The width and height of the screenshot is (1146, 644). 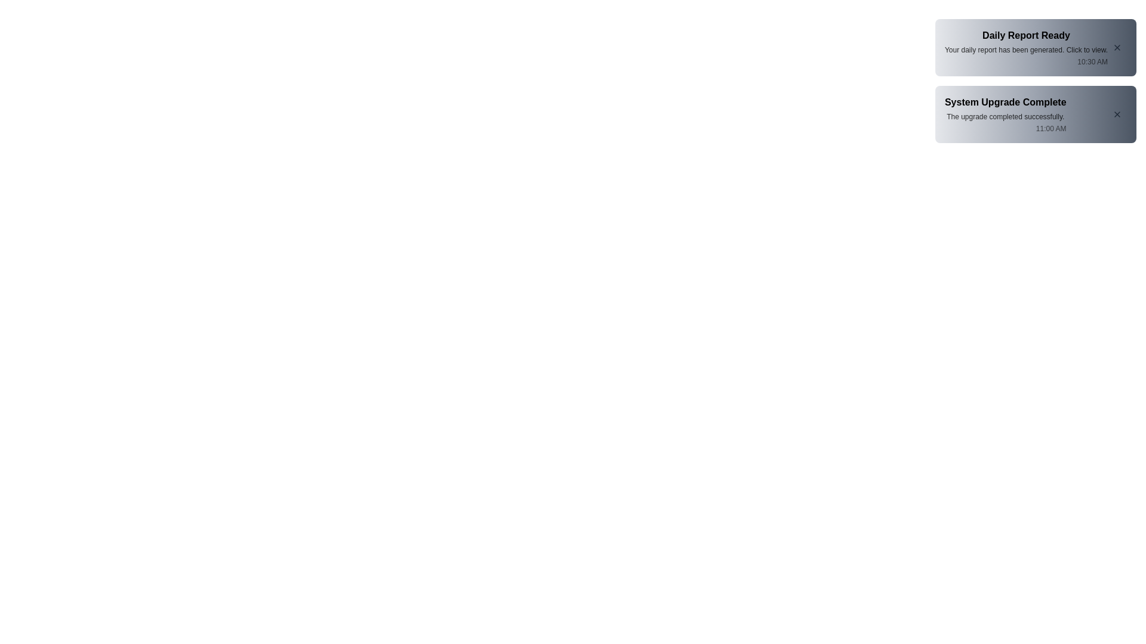 I want to click on the notification title and details for the first notification, so click(x=1025, y=47).